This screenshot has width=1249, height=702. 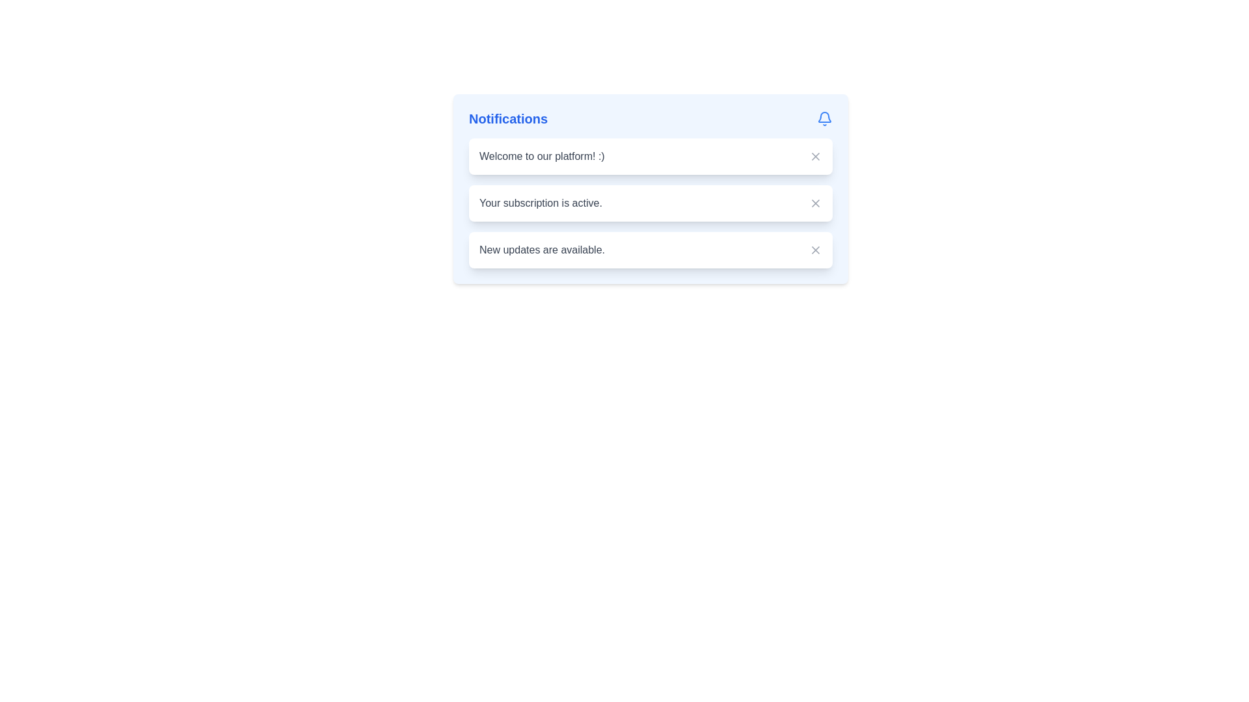 What do you see at coordinates (814, 203) in the screenshot?
I see `the cross icon button that allows users to dismiss or close the associated notification, located to the far right of the 'Your subscription is active.' notification text` at bounding box center [814, 203].